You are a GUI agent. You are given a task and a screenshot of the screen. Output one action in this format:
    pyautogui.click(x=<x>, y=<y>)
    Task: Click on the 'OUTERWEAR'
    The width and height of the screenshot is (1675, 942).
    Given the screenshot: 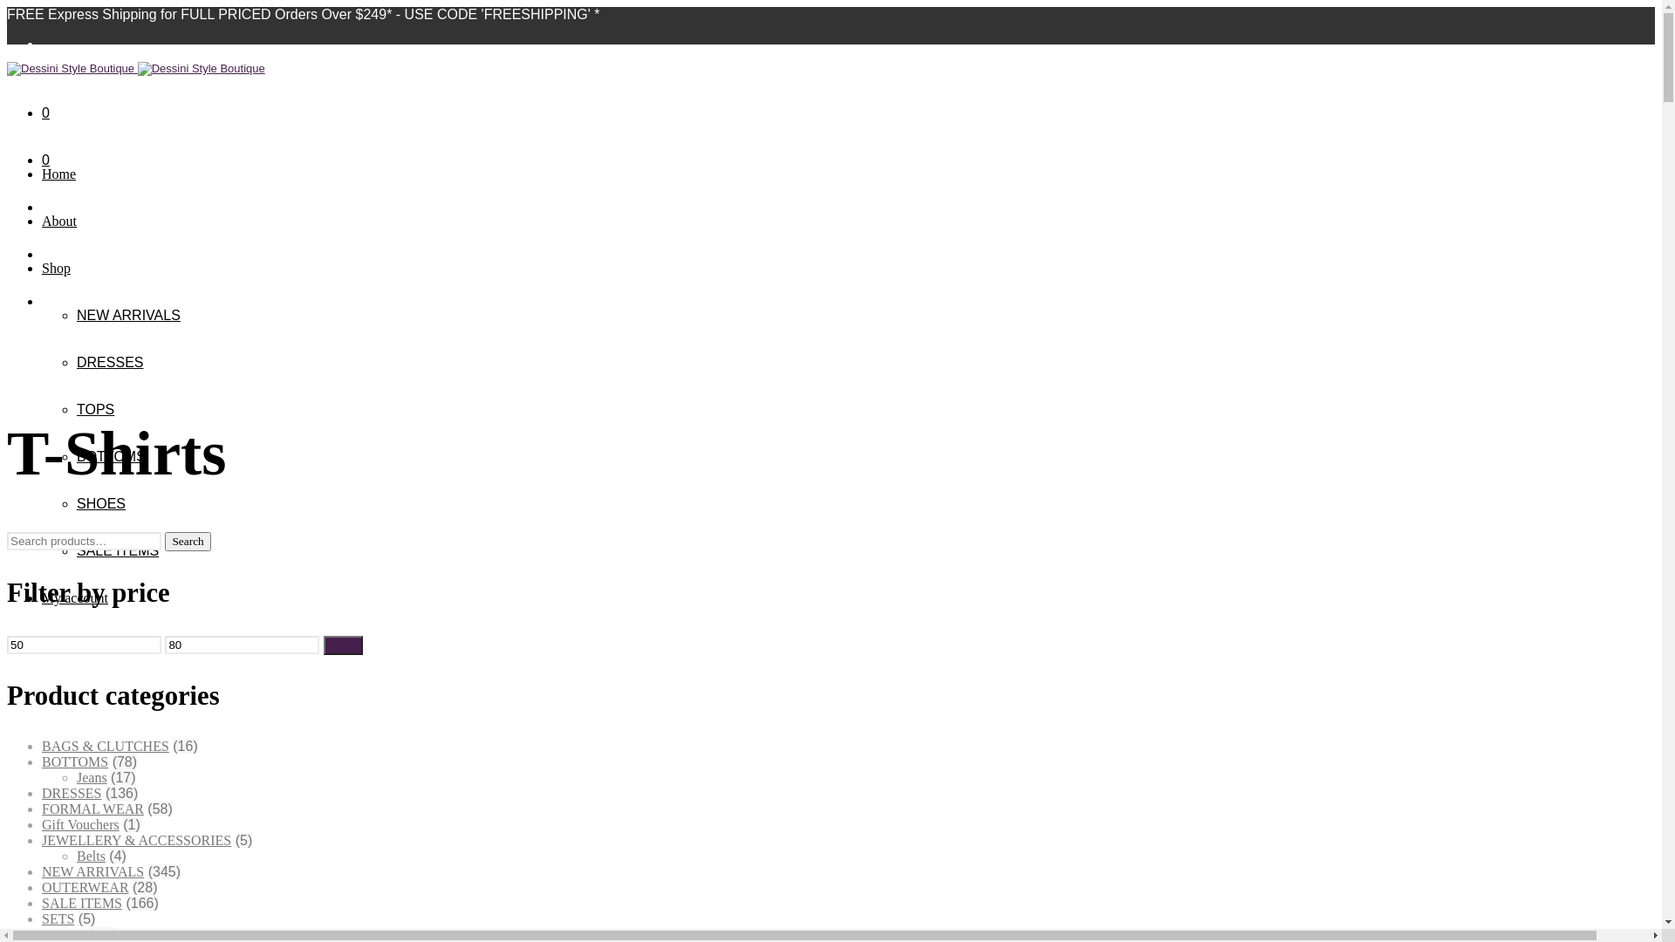 What is the action you would take?
    pyautogui.click(x=84, y=887)
    